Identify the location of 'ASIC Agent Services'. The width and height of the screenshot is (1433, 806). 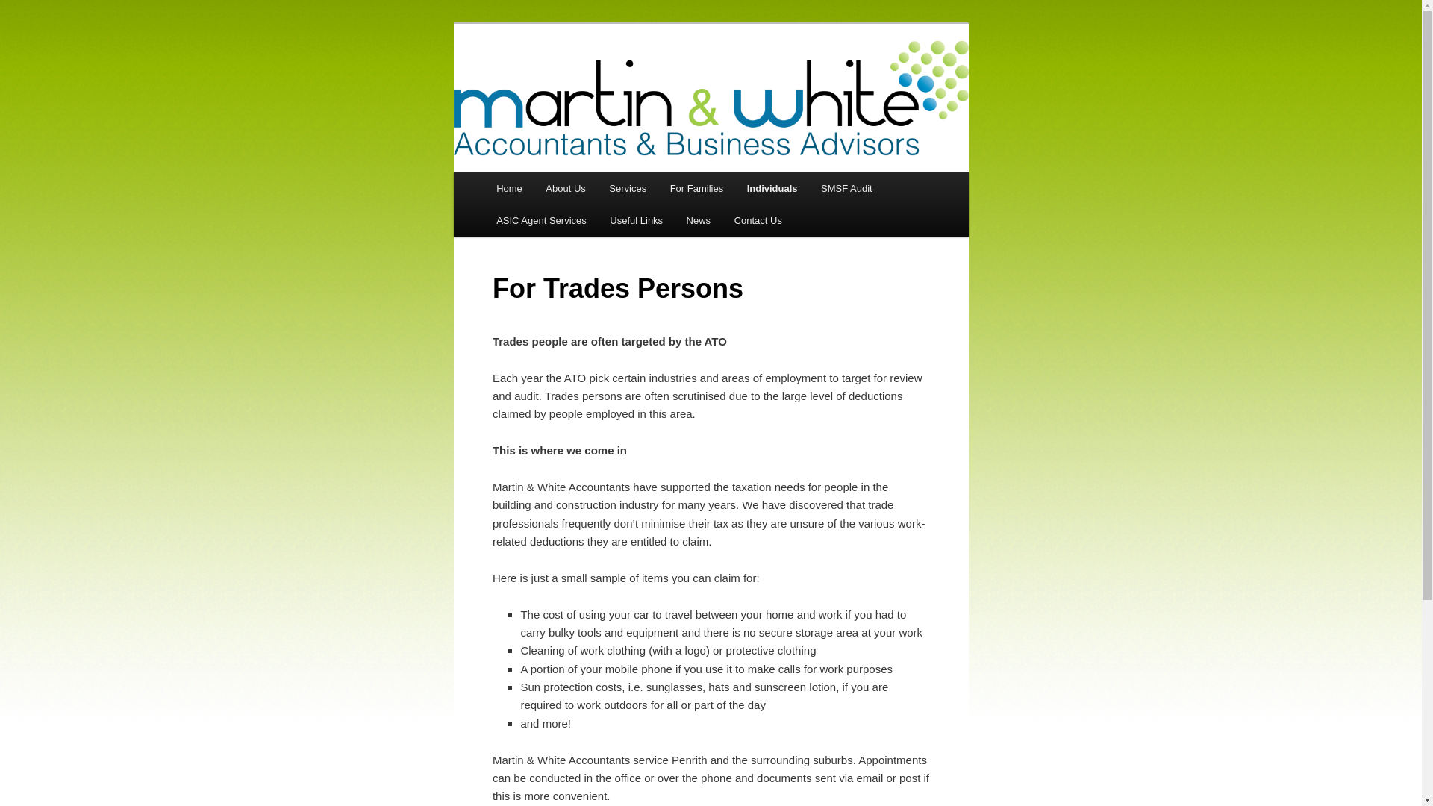
(540, 220).